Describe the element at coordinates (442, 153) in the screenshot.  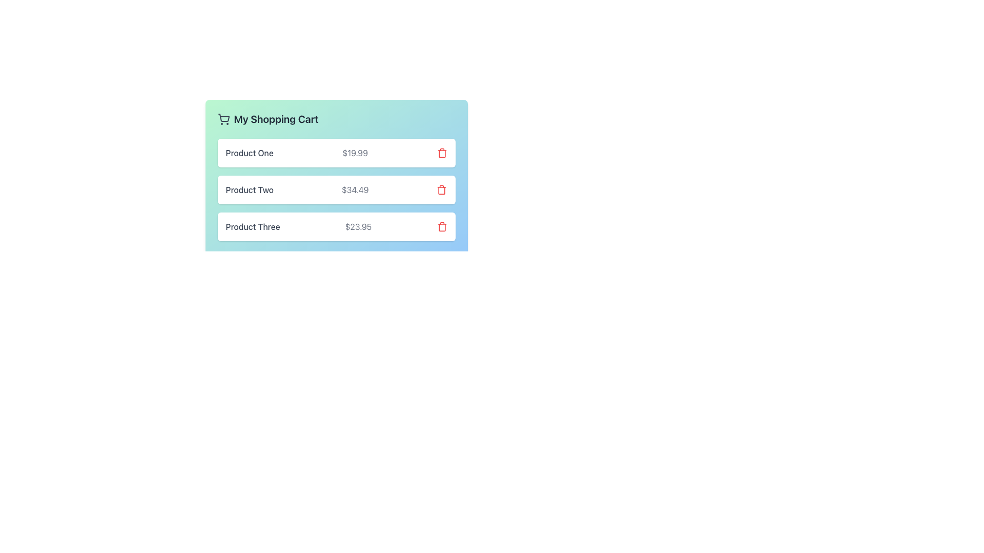
I see `the delete button for the list item labeled 'Product One'` at that location.